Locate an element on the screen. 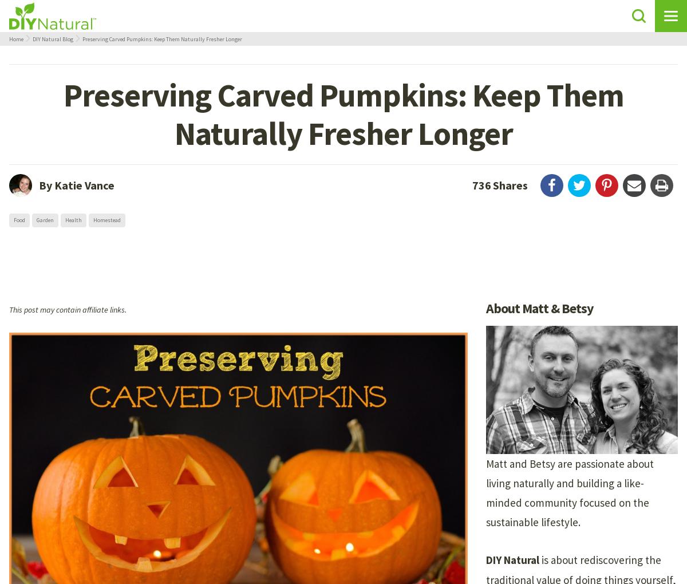 The image size is (687, 584). 'DIY Natural Blog' is located at coordinates (33, 39).